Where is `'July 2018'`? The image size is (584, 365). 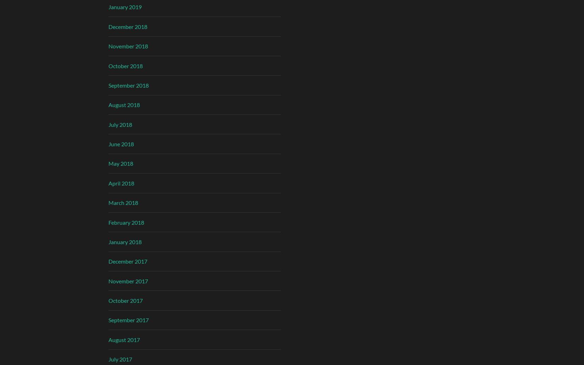 'July 2018' is located at coordinates (119, 124).